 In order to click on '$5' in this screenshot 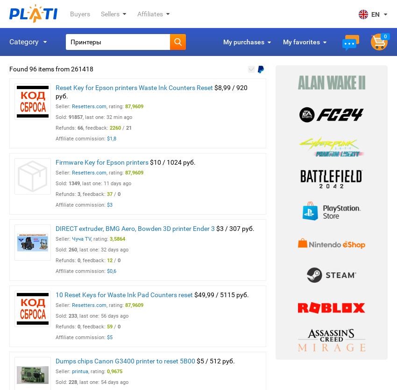, I will do `click(110, 337)`.